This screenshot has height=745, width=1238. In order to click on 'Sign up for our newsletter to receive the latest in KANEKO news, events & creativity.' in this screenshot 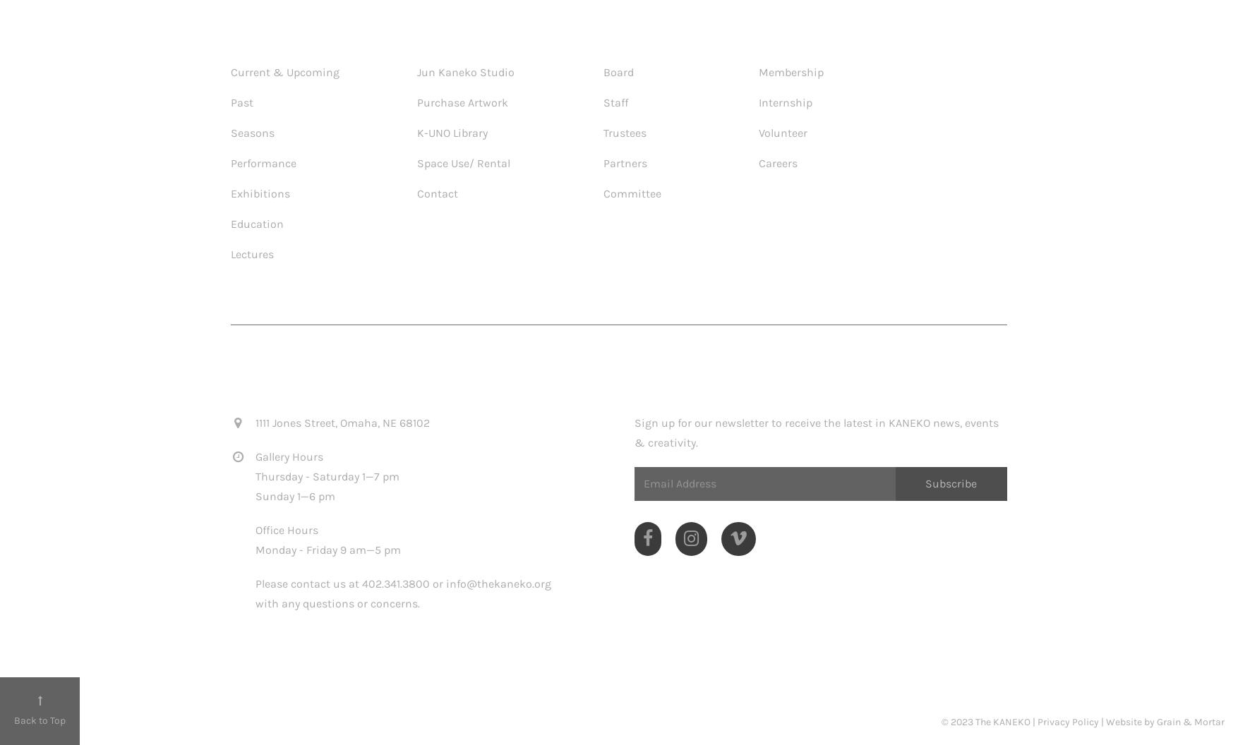, I will do `click(815, 431)`.